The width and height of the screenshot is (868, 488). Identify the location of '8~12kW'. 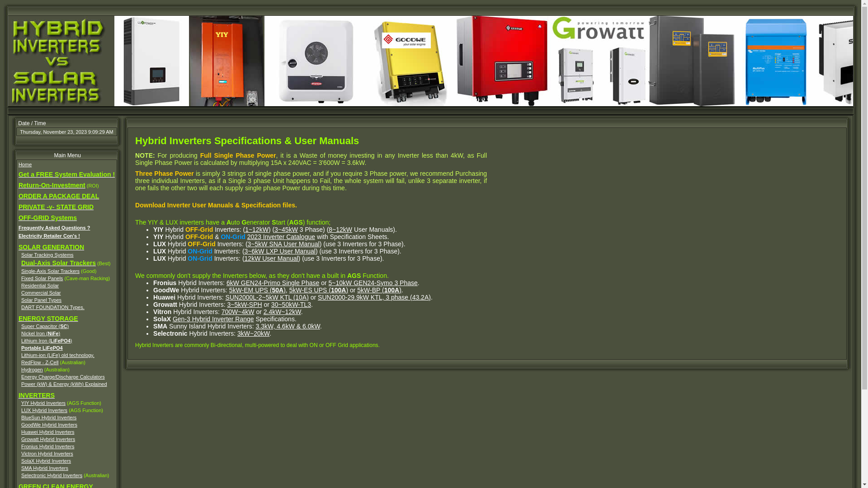
(328, 229).